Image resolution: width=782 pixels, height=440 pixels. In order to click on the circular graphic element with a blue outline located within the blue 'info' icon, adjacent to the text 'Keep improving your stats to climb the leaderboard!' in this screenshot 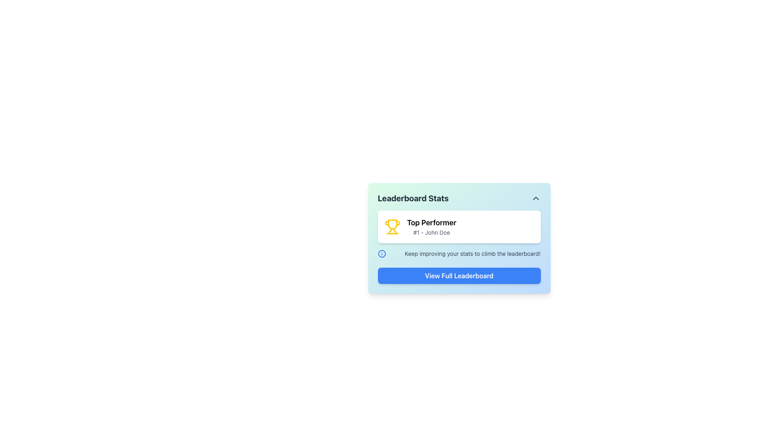, I will do `click(381, 253)`.